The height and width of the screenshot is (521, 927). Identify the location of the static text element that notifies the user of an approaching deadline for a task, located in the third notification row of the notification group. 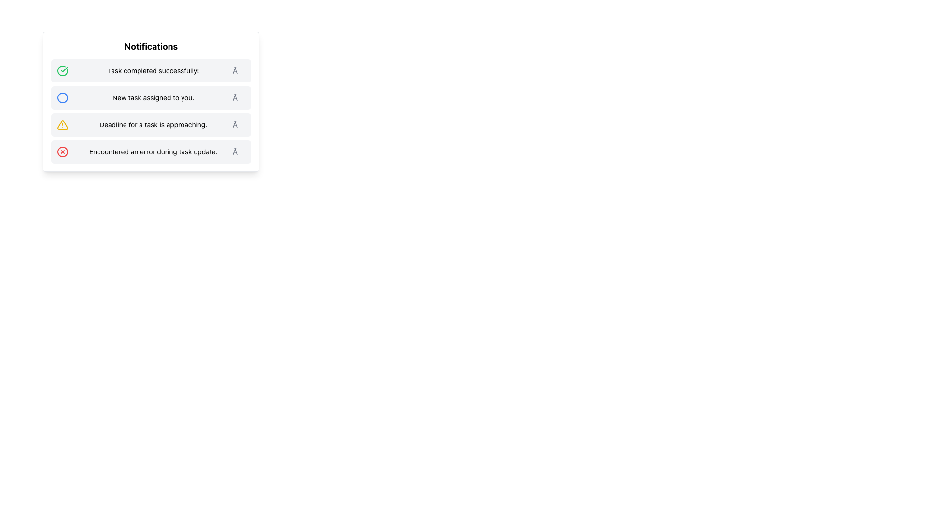
(153, 124).